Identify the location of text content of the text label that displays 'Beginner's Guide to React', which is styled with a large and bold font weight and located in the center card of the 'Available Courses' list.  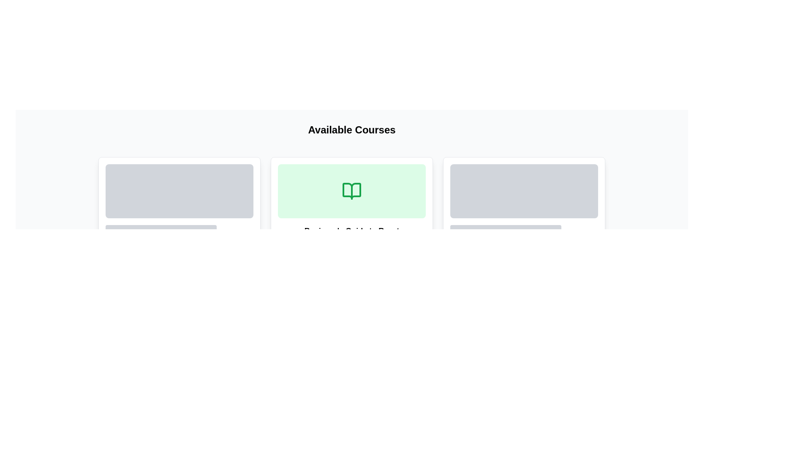
(352, 231).